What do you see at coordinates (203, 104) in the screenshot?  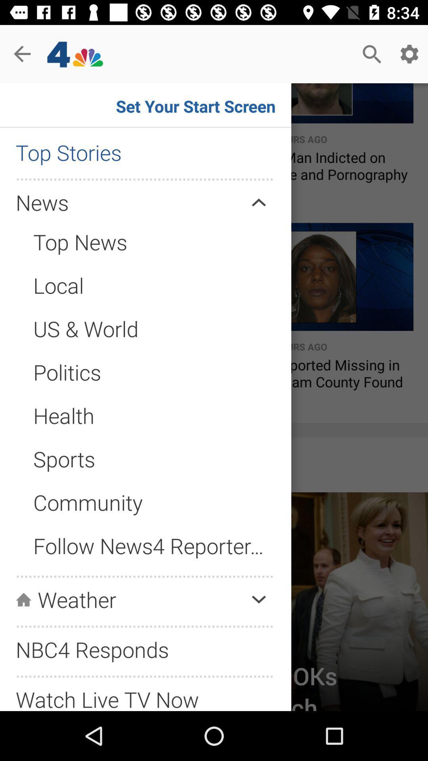 I see `the button set your start screen on the web page` at bounding box center [203, 104].